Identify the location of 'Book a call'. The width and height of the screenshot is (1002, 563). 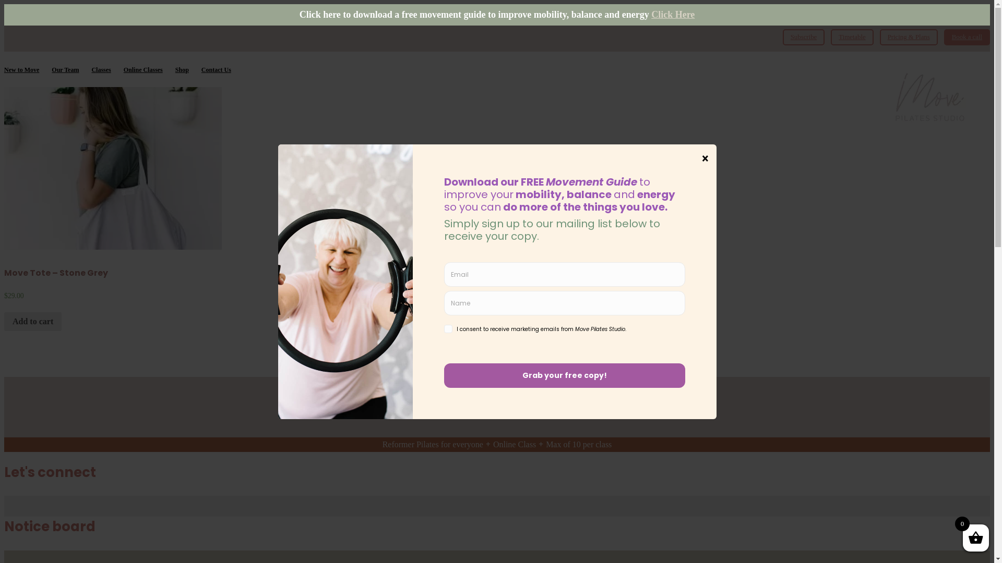
(966, 36).